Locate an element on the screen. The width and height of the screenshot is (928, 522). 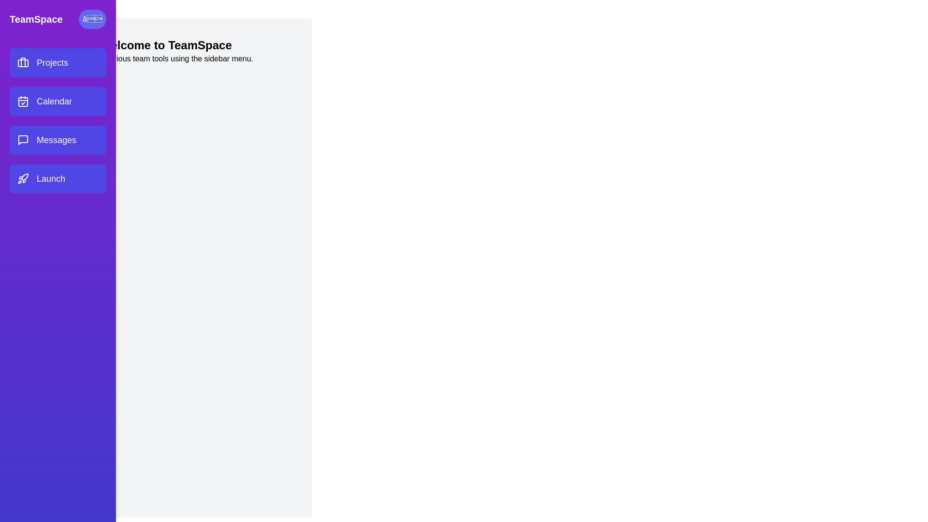
the main content area to focus is located at coordinates (166, 279).